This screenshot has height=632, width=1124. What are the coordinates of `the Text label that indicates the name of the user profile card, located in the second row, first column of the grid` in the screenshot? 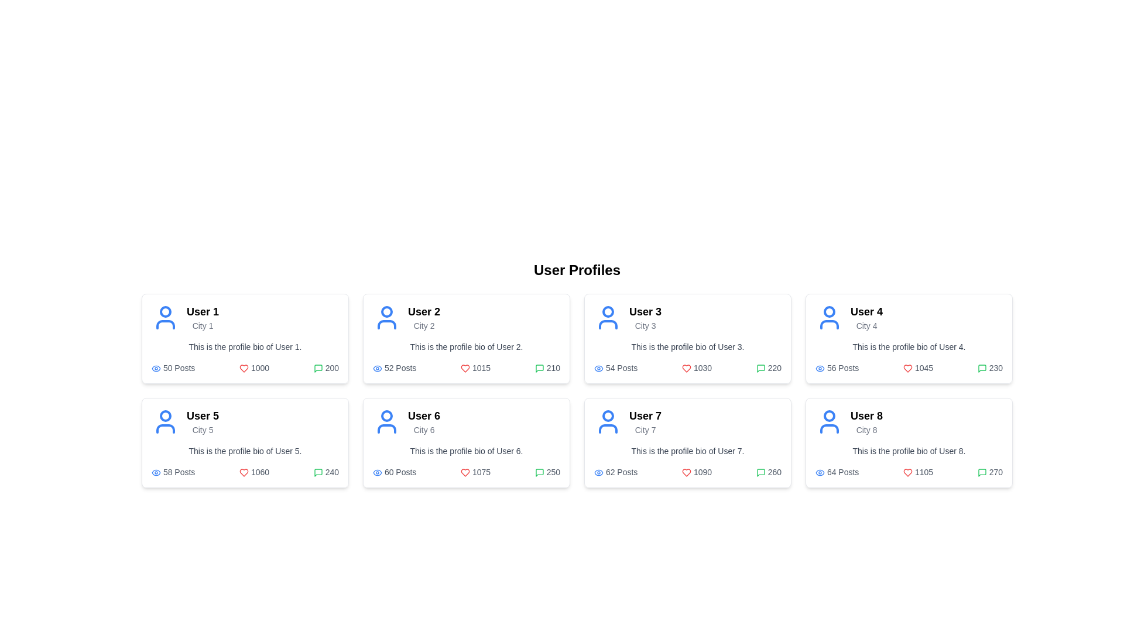 It's located at (203, 415).